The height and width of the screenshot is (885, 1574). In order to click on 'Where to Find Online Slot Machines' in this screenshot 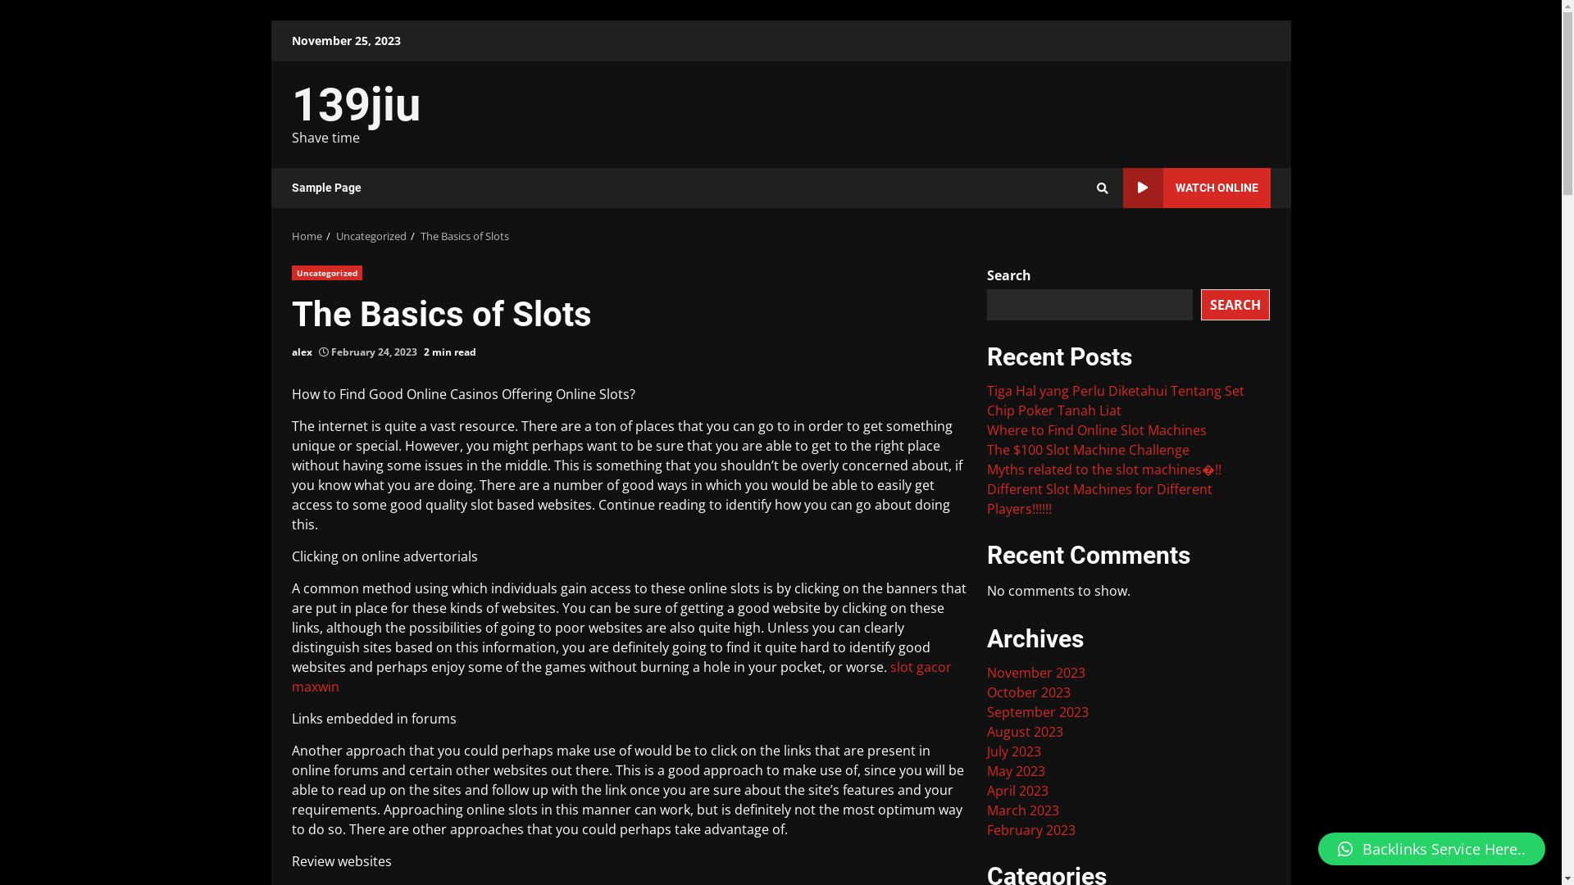, I will do `click(986, 429)`.